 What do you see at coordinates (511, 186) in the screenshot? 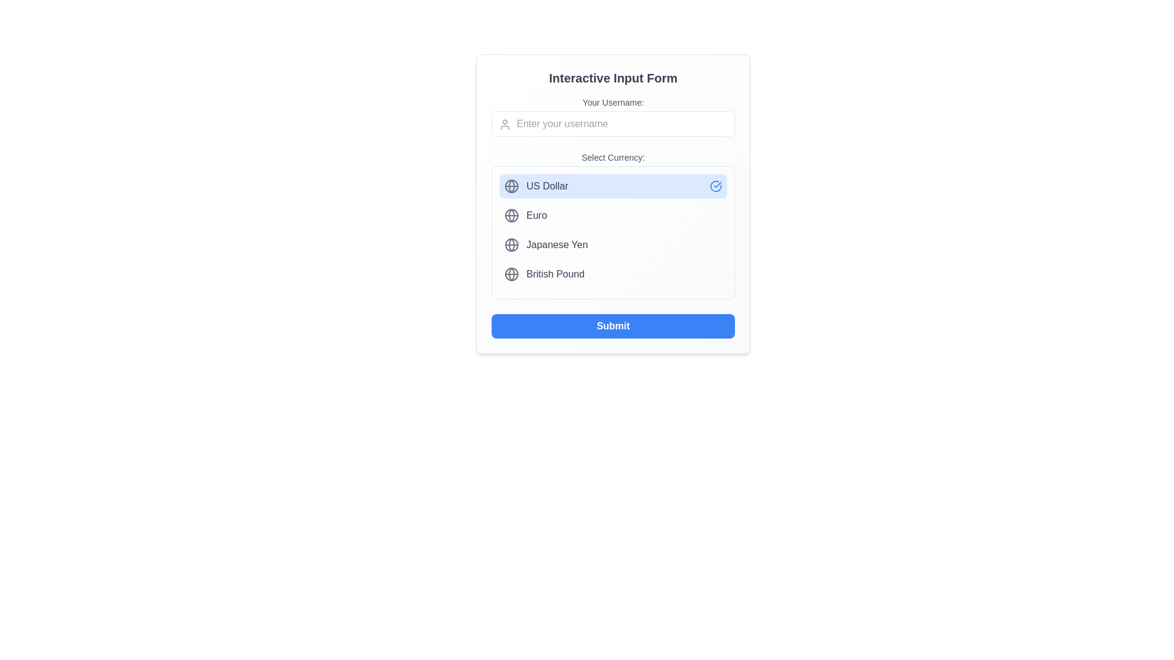
I see `the globe icon represented by the SVG circle element in the currency selection interface, positioned leftmost next to the 'US Dollar' label` at bounding box center [511, 186].